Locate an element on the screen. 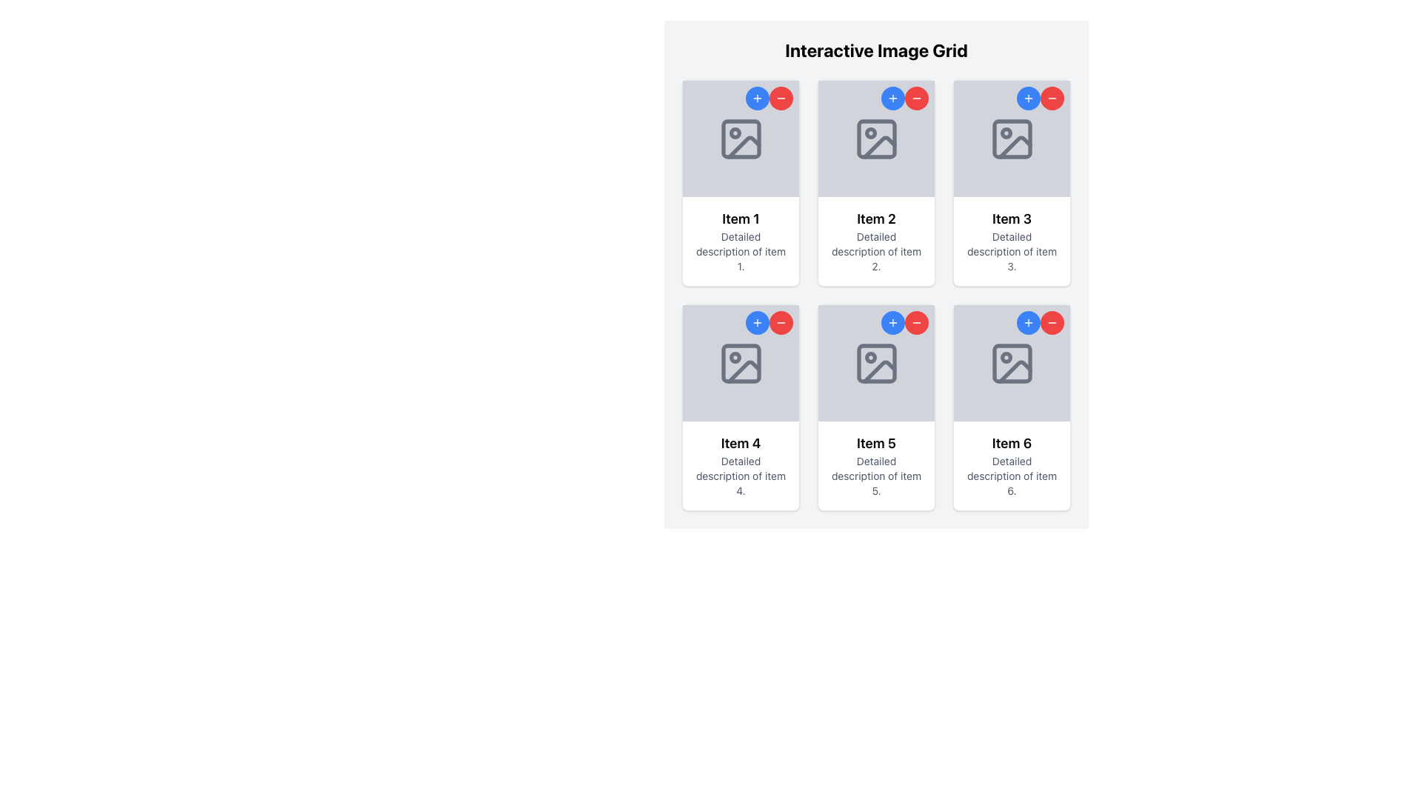 The image size is (1422, 800). the second circular button at the top-right corner of the first item in the grid layout to decrement the item quantity is located at coordinates (781, 98).